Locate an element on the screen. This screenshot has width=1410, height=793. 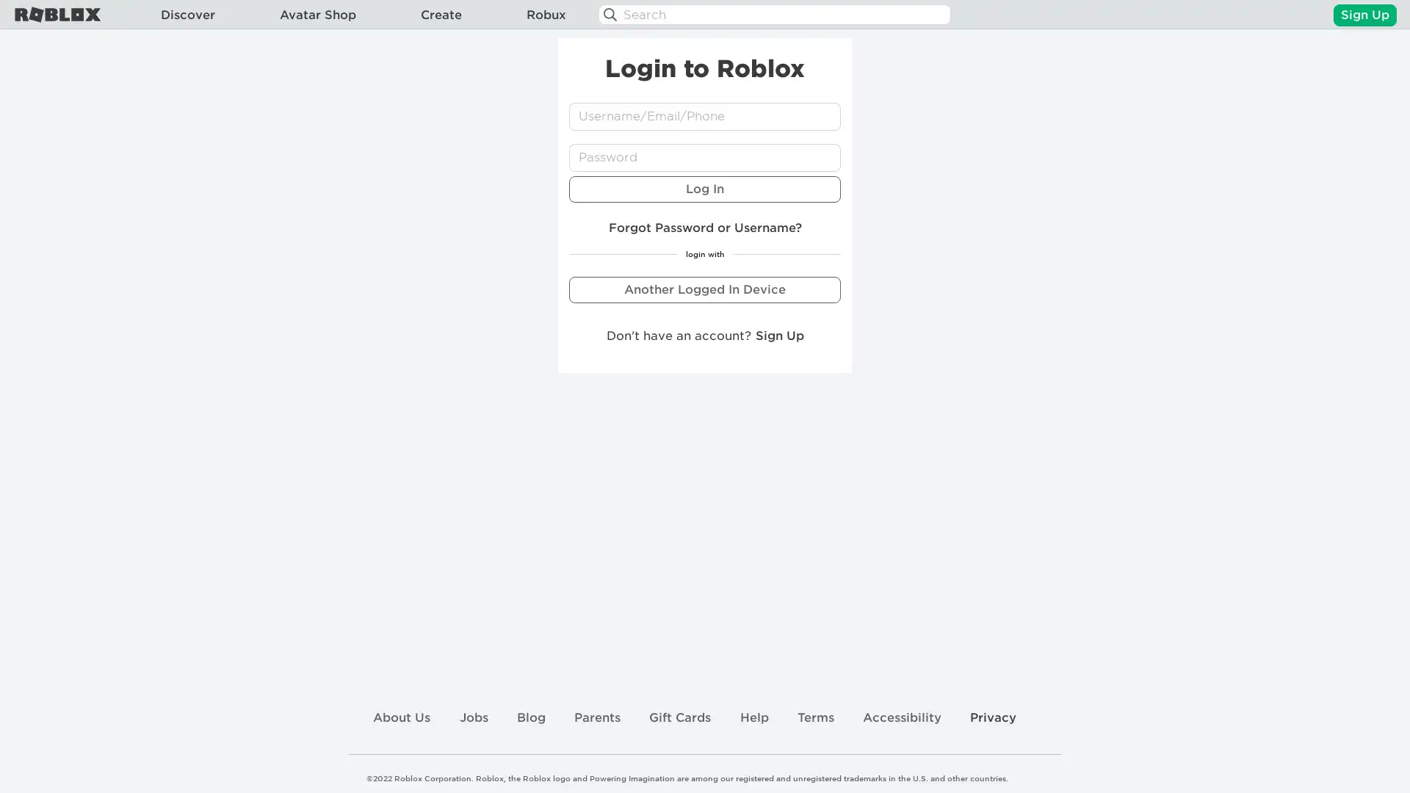
Another Logged In Device is located at coordinates (705, 289).